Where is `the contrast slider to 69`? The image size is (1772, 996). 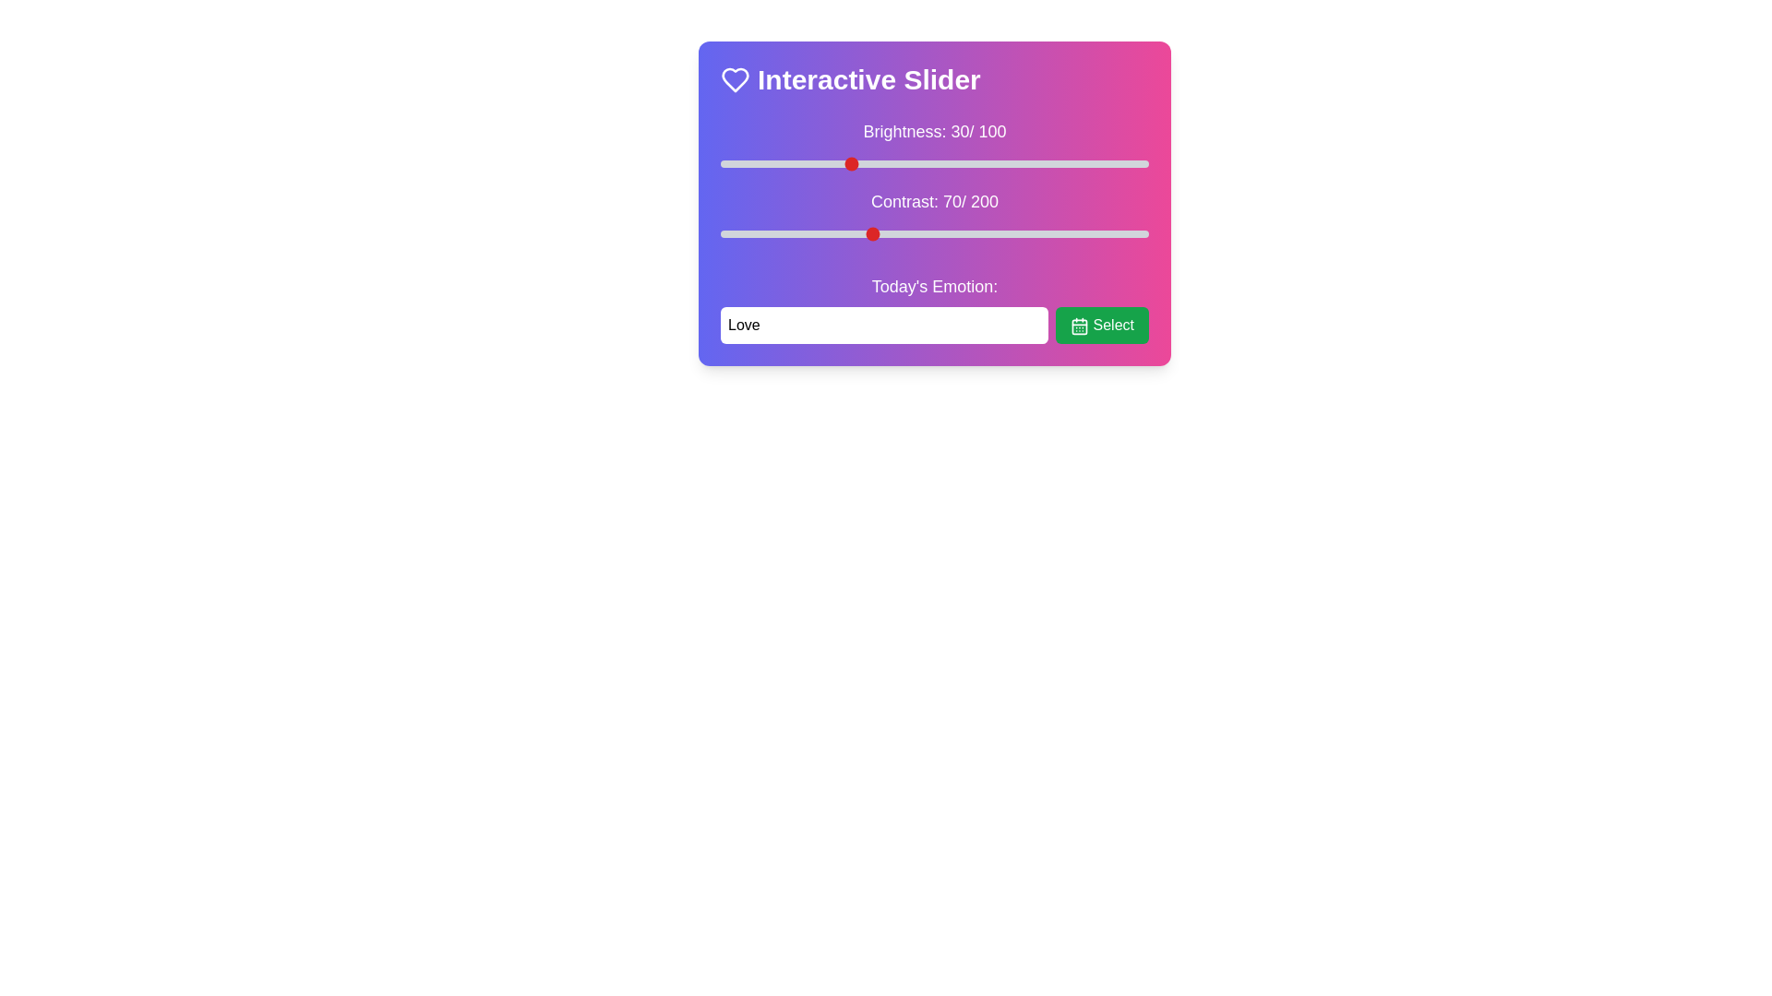
the contrast slider to 69 is located at coordinates (867, 233).